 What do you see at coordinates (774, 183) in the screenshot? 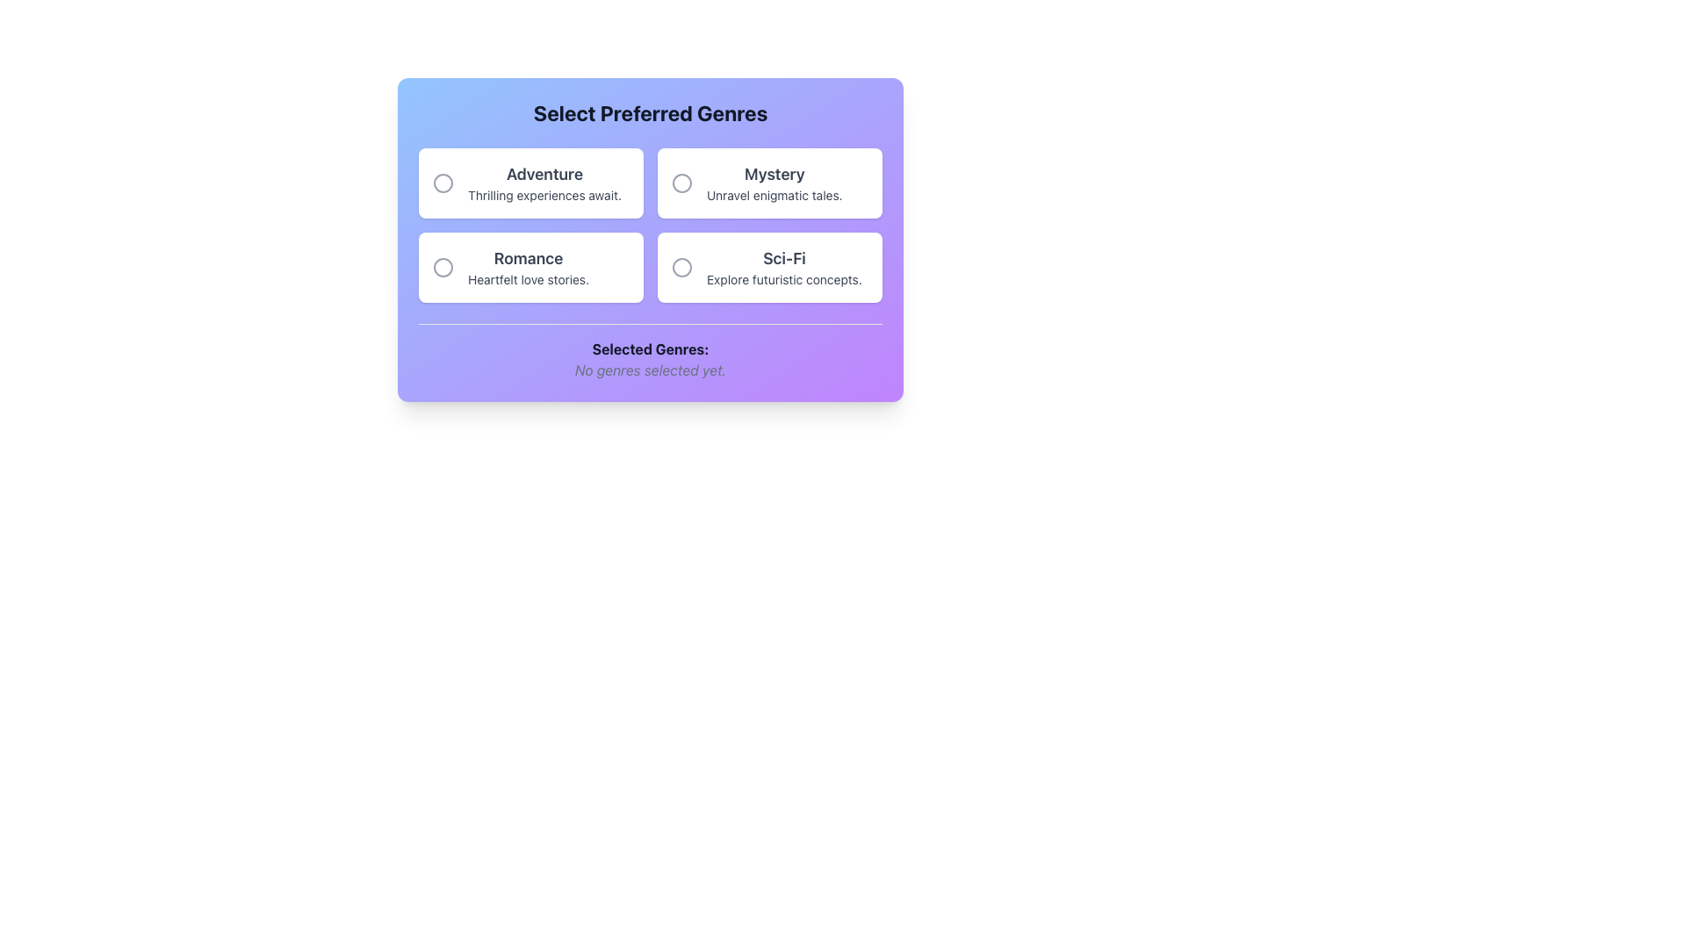
I see `the descriptive text block for the 'Mystery' genre option located in the second column and first row under 'Select Preferred Genres'` at bounding box center [774, 183].